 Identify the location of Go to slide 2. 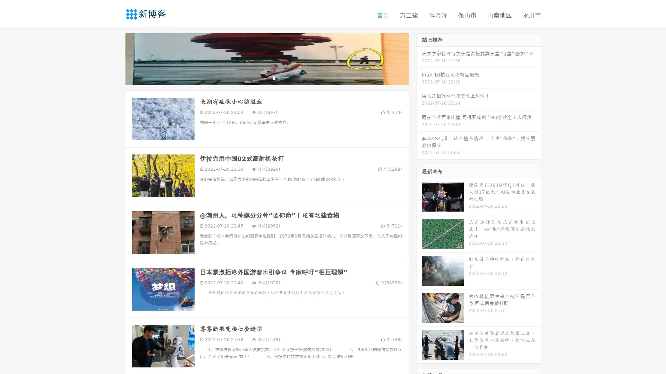
(266, 78).